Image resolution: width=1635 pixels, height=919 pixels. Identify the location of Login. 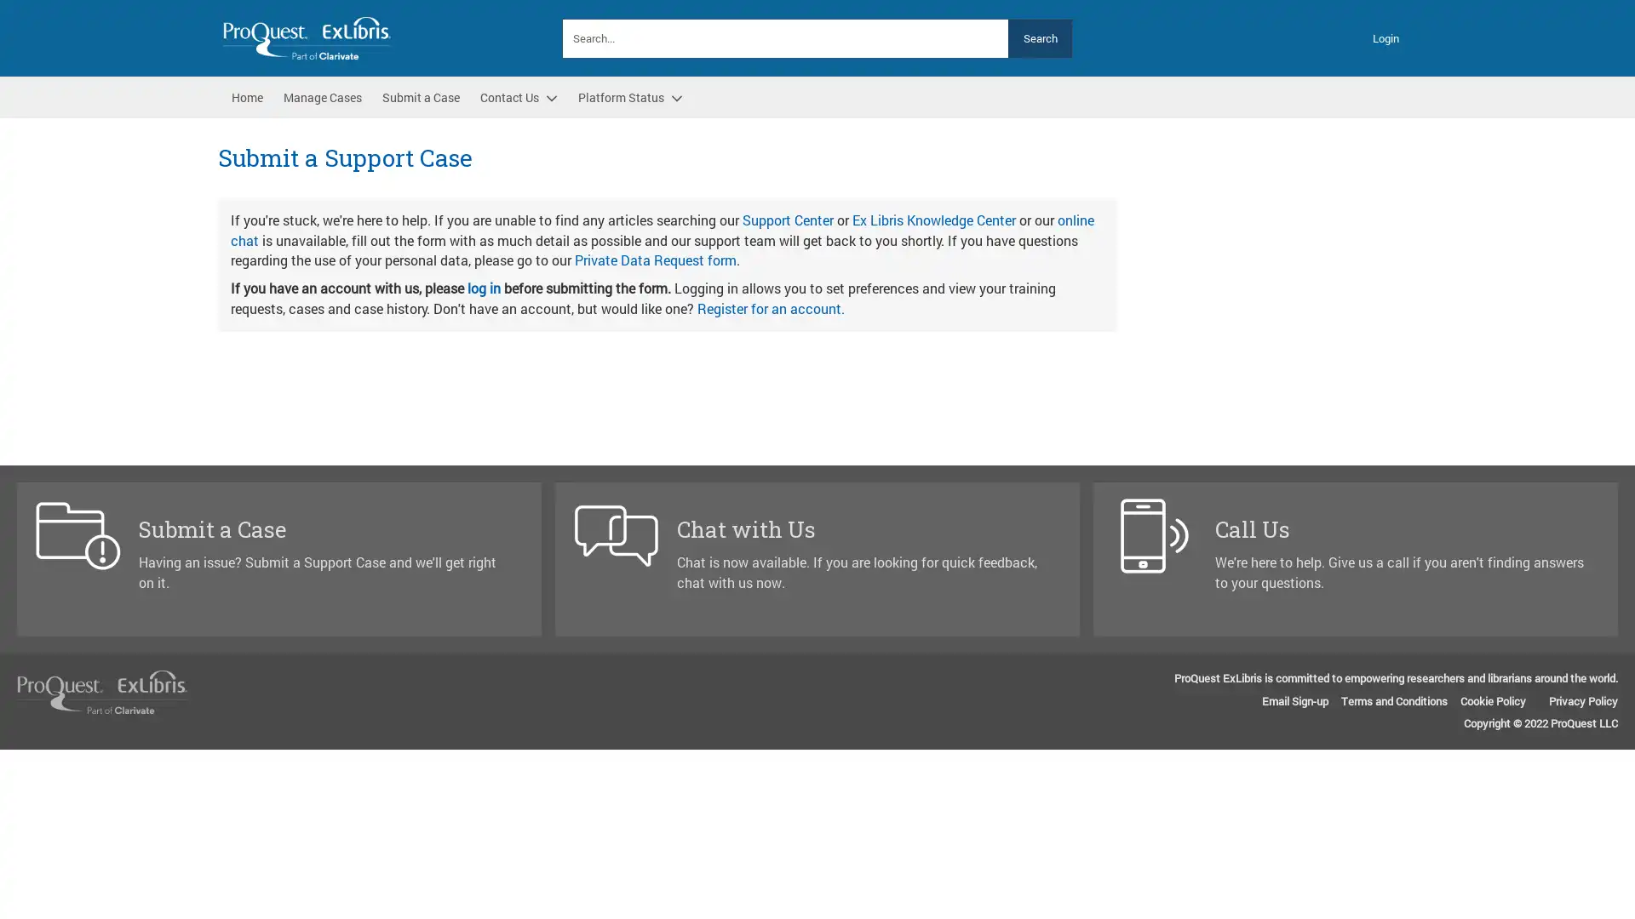
(1385, 38).